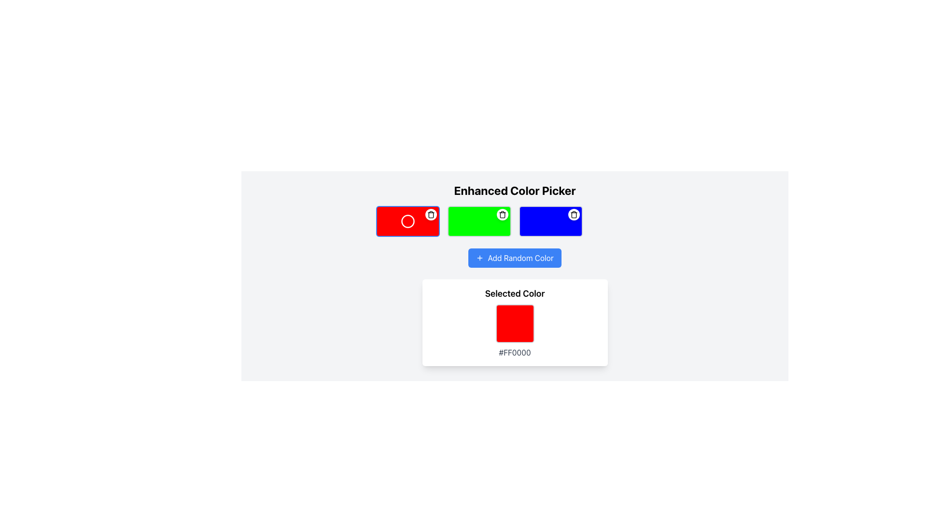  Describe the element at coordinates (514, 353) in the screenshot. I see `the static text label displaying the color code '#FF0000', which is styled in gray text and positioned below a red color sample inside a white card` at that location.